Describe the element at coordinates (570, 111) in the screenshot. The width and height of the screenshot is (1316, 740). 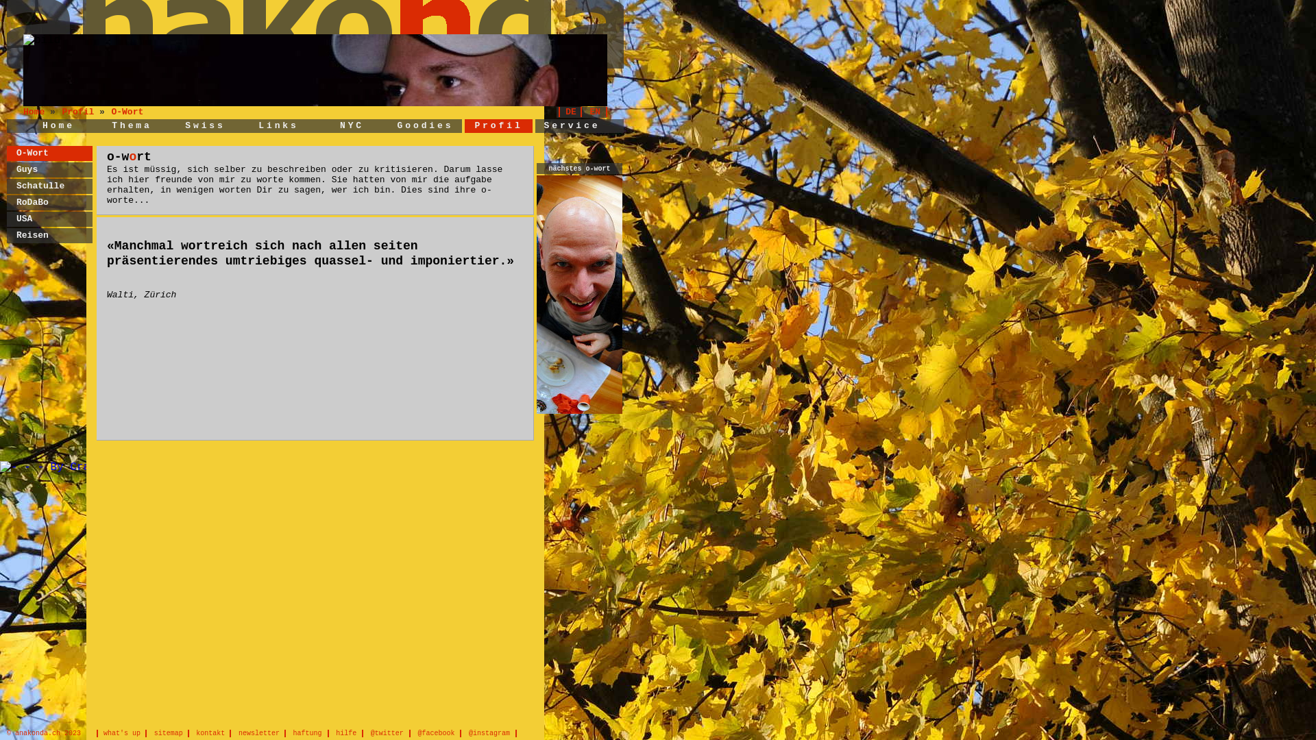
I see `'DE'` at that location.